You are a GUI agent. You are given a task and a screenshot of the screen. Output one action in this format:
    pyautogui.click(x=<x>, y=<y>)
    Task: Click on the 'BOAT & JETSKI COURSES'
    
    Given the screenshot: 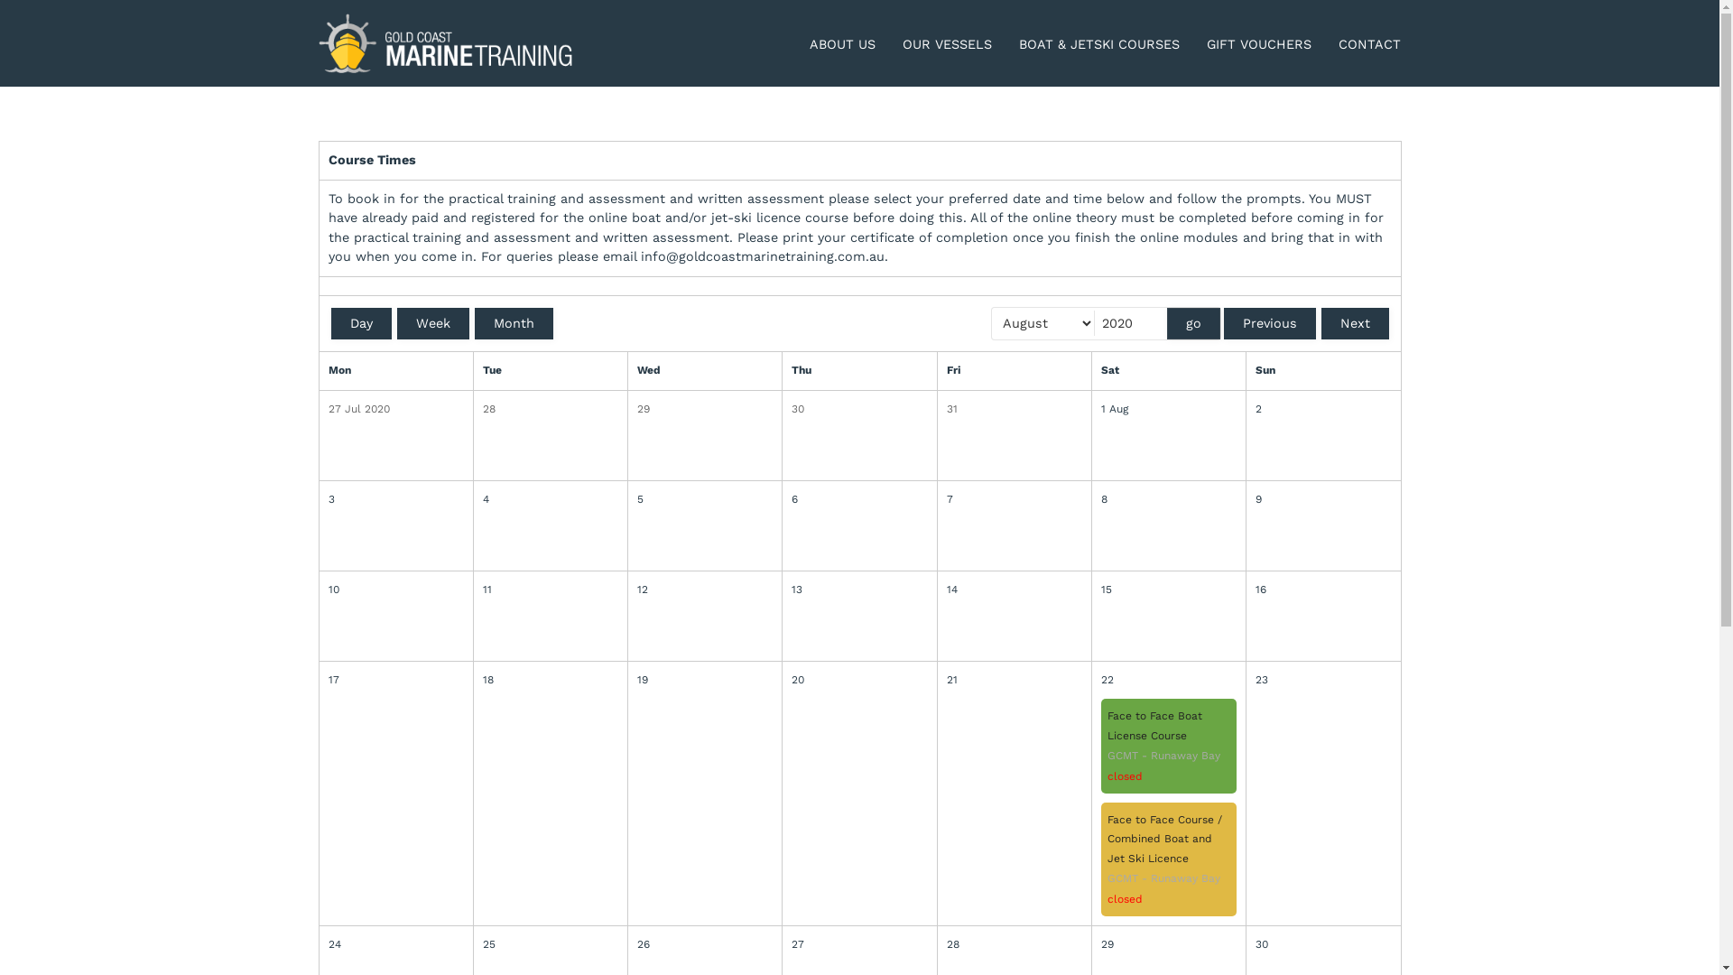 What is the action you would take?
    pyautogui.click(x=1098, y=44)
    